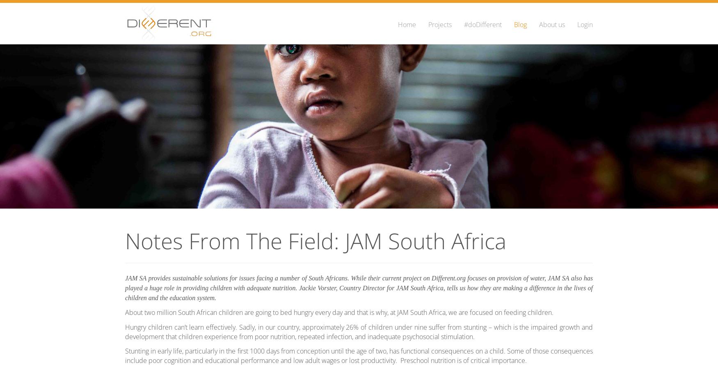 The image size is (718, 372). I want to click on '#doDifferent', so click(482, 24).